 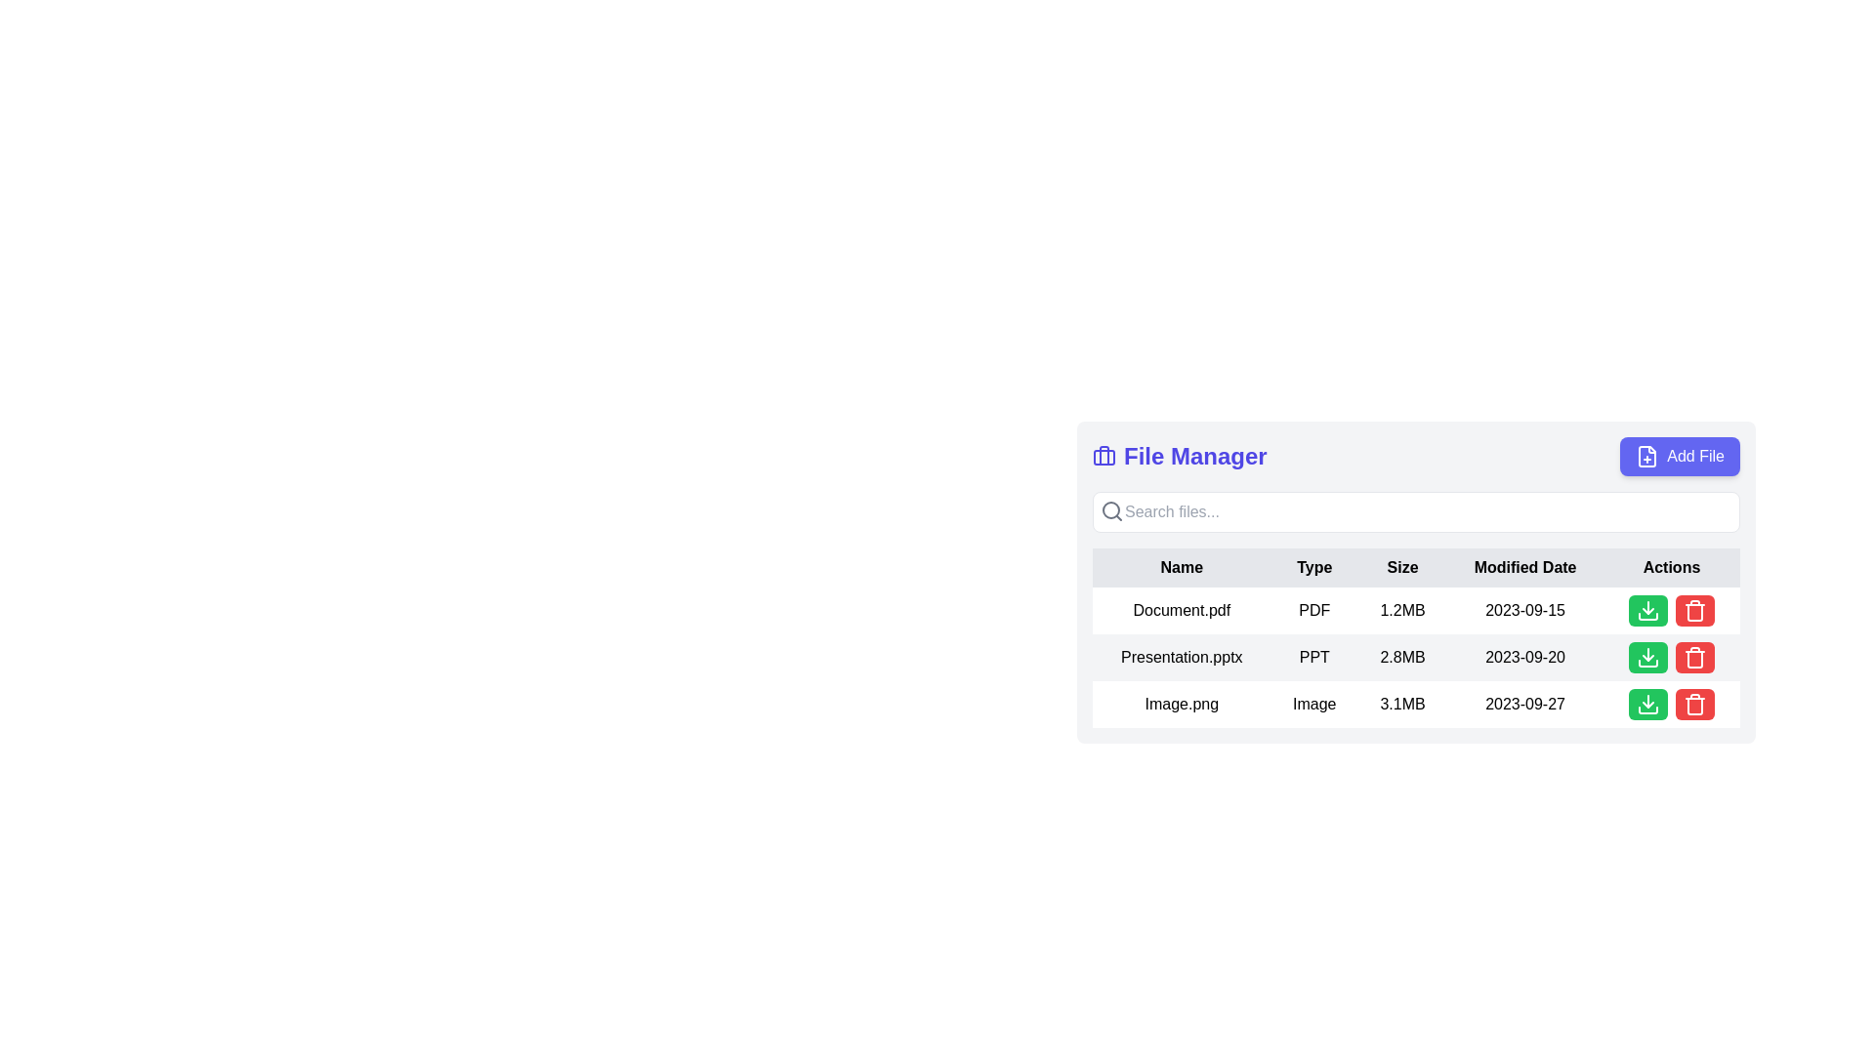 What do you see at coordinates (1104, 456) in the screenshot?
I see `the Briefcase icon that indicates the 'File Manager' section, located at the top center of the interface` at bounding box center [1104, 456].